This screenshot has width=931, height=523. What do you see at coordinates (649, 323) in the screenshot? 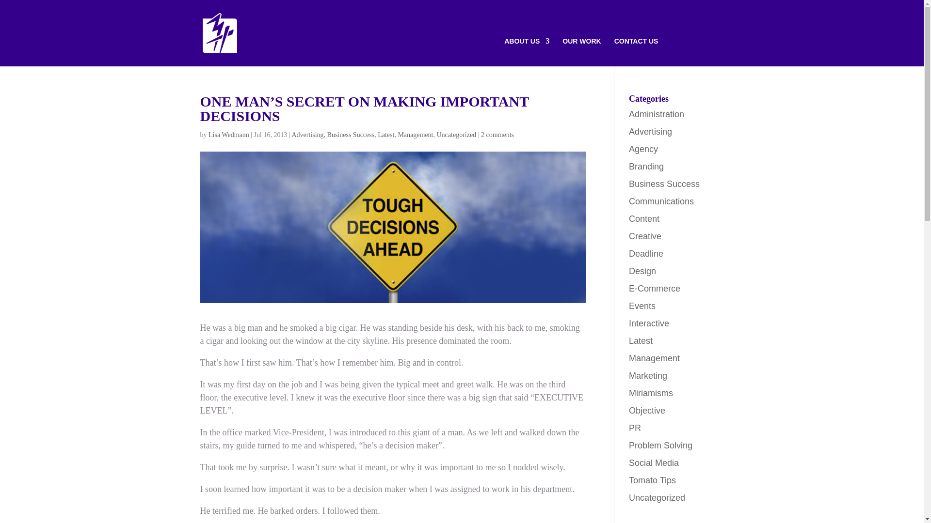
I see `'Interactive'` at bounding box center [649, 323].